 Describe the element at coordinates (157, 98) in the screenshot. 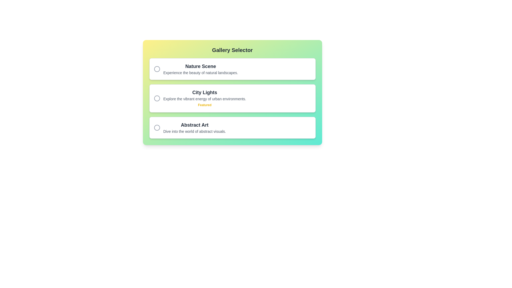

I see `the gray circular radio button associated with the 'City Lights' option in the 'Gallery Selector' UI` at that location.